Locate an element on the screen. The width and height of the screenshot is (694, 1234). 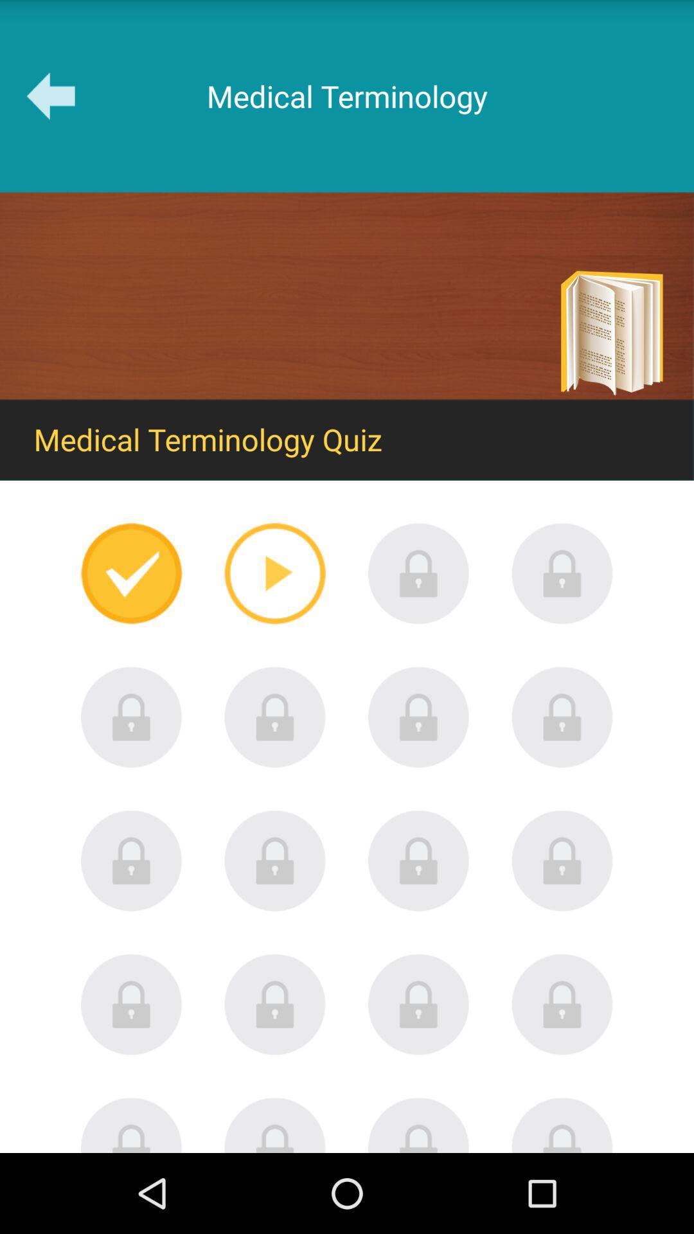
the lock icon is located at coordinates (418, 613).